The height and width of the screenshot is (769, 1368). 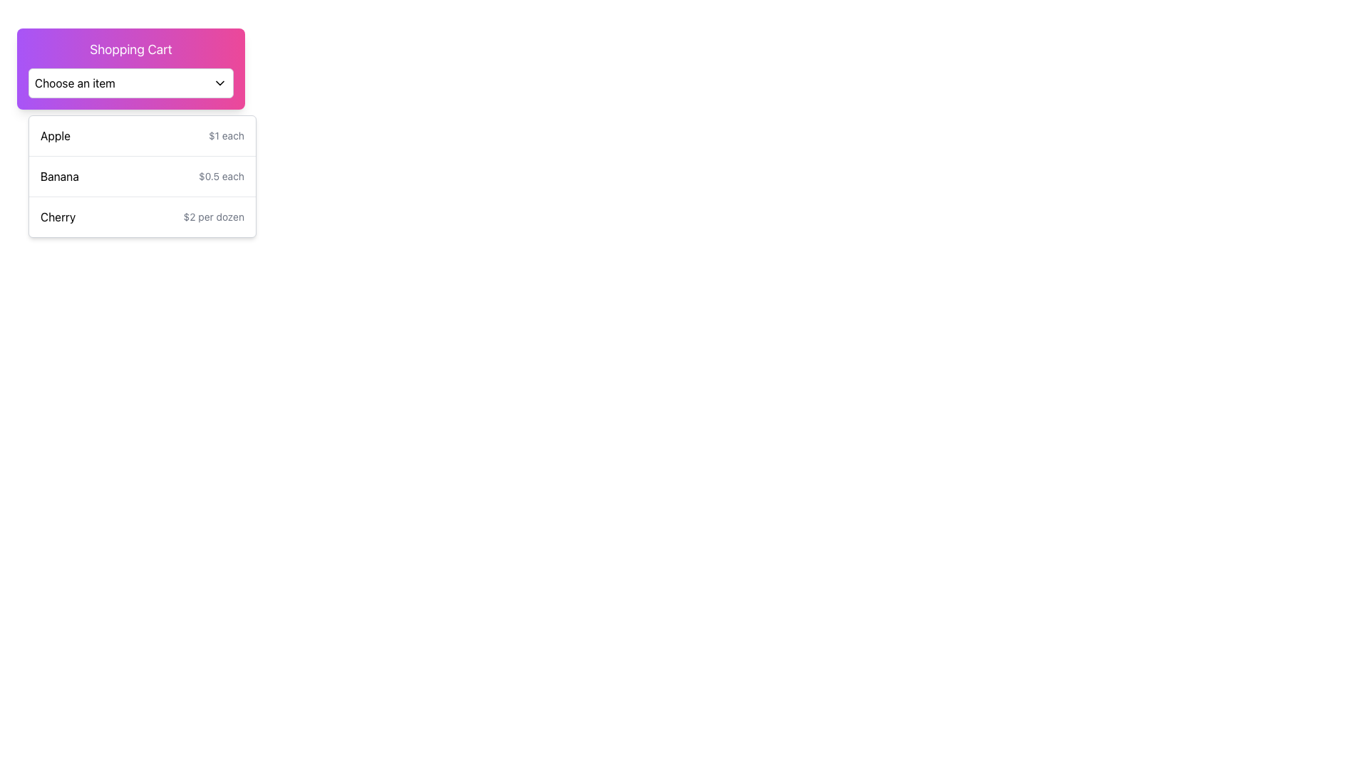 I want to click on the static text label displaying the unit price of the 'Banana' item, which is located on the right side of the 'Banana' text, so click(x=221, y=175).